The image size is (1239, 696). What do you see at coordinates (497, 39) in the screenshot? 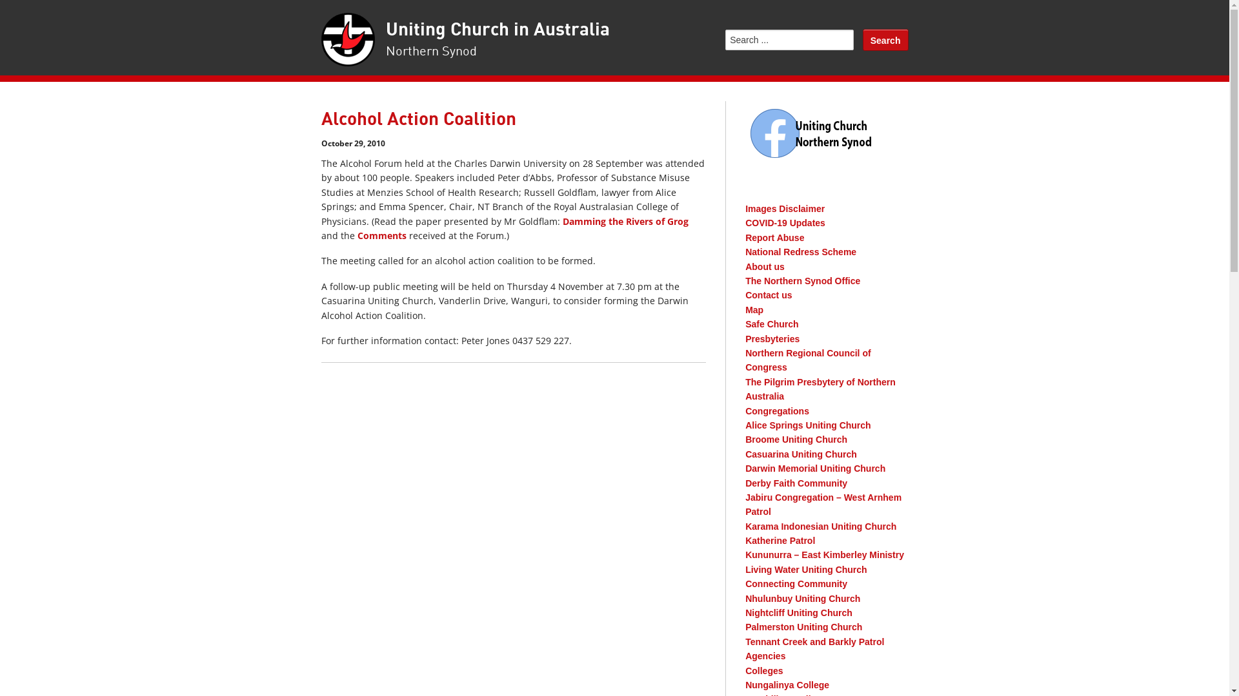
I see `'Uniting Church in Australia` at bounding box center [497, 39].